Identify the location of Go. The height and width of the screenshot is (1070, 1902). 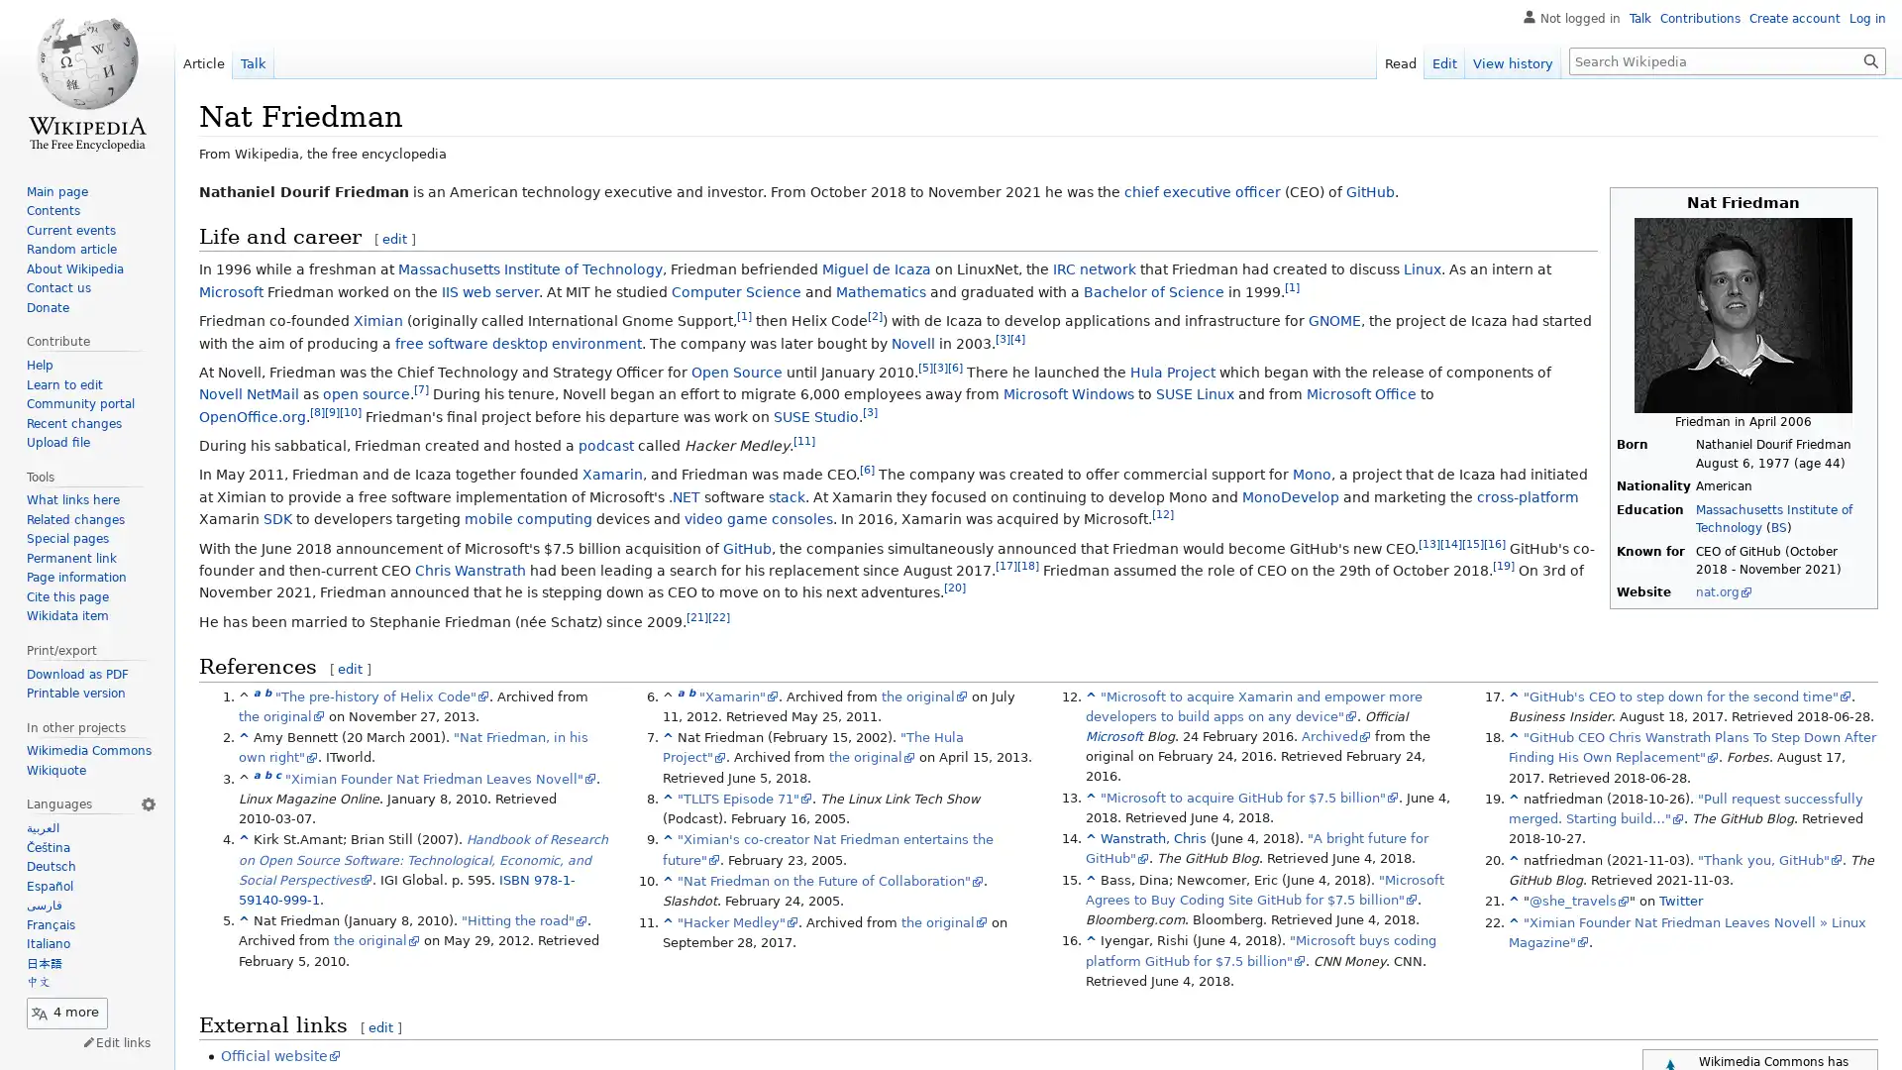
(1870, 59).